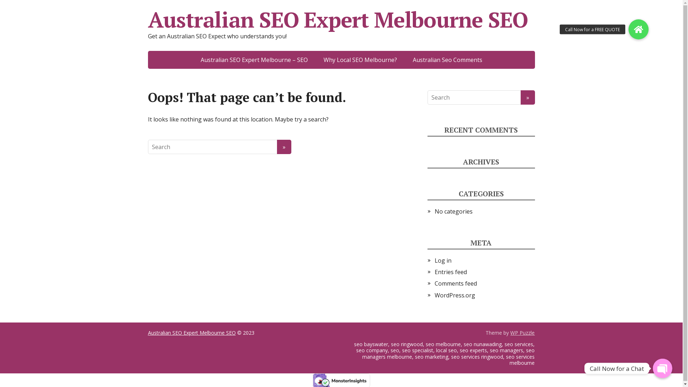  What do you see at coordinates (360, 59) in the screenshot?
I see `'Why Local SEO Melbourne?'` at bounding box center [360, 59].